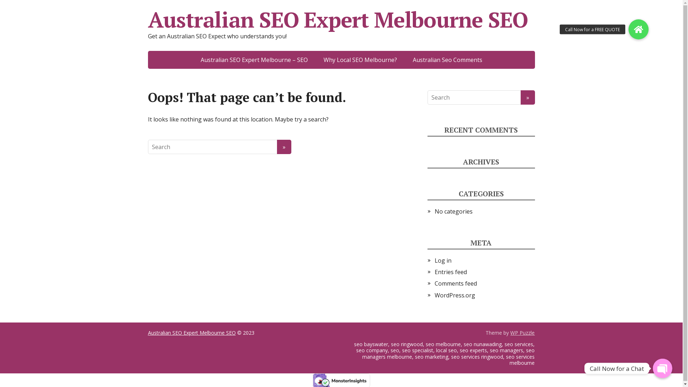  What do you see at coordinates (360, 59) in the screenshot?
I see `'Why Local SEO Melbourne?'` at bounding box center [360, 59].